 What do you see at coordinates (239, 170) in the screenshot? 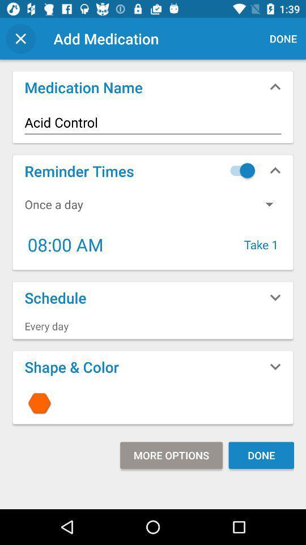
I see `item to the right of the reminder times item` at bounding box center [239, 170].